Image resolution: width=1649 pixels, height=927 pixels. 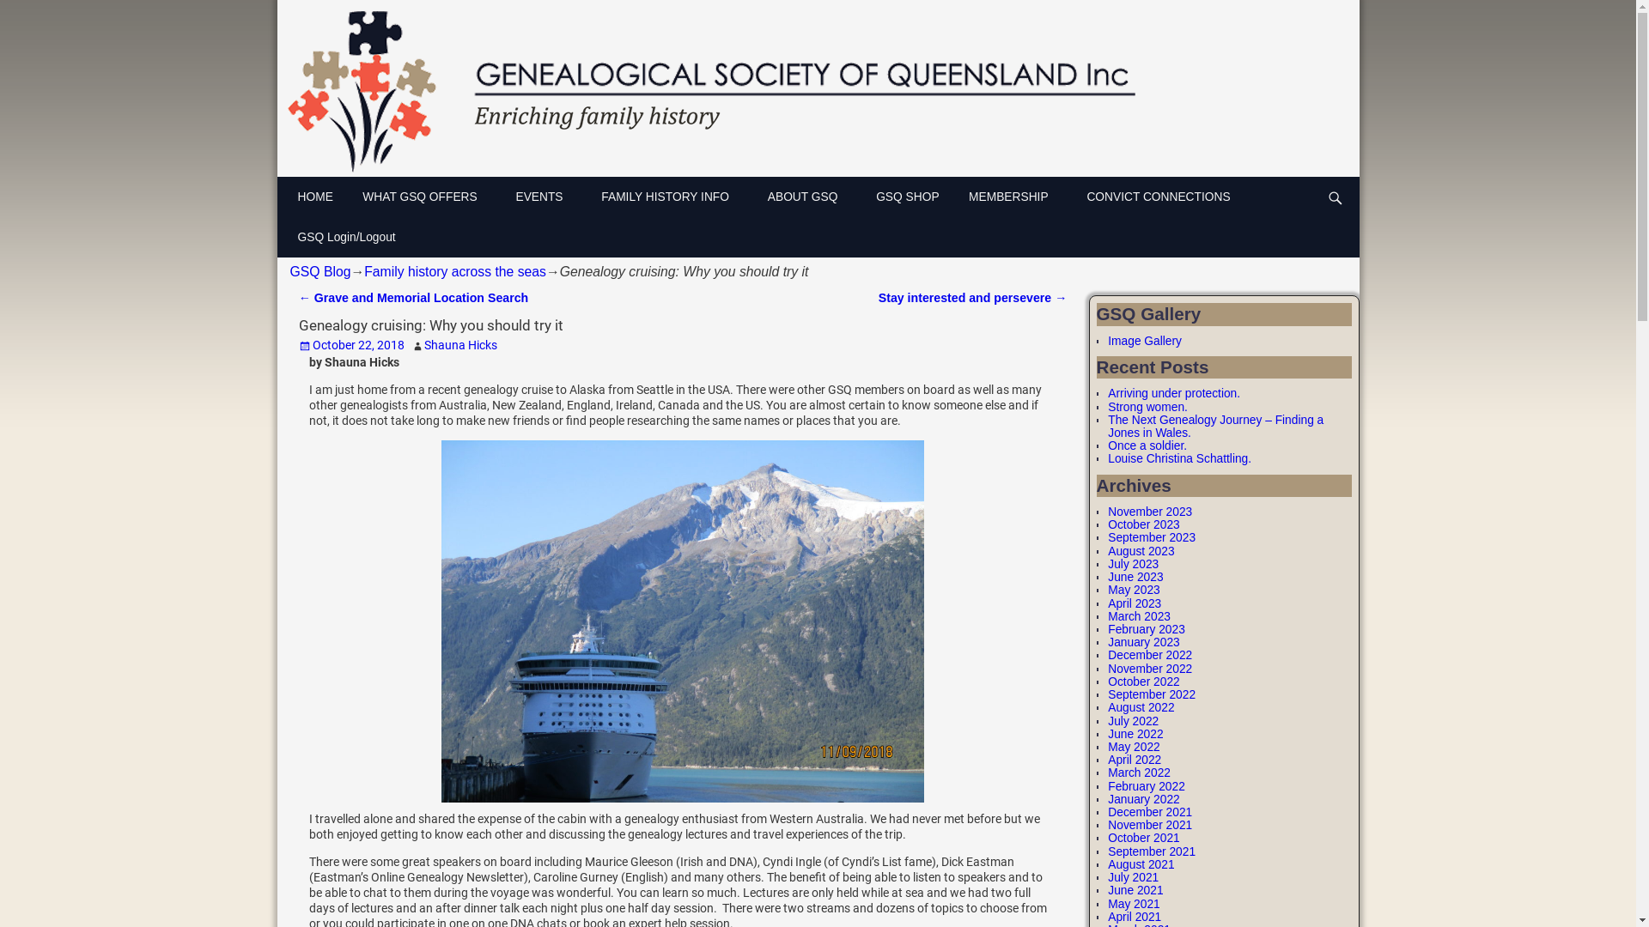 I want to click on 'Once a soldier.', so click(x=1147, y=445).